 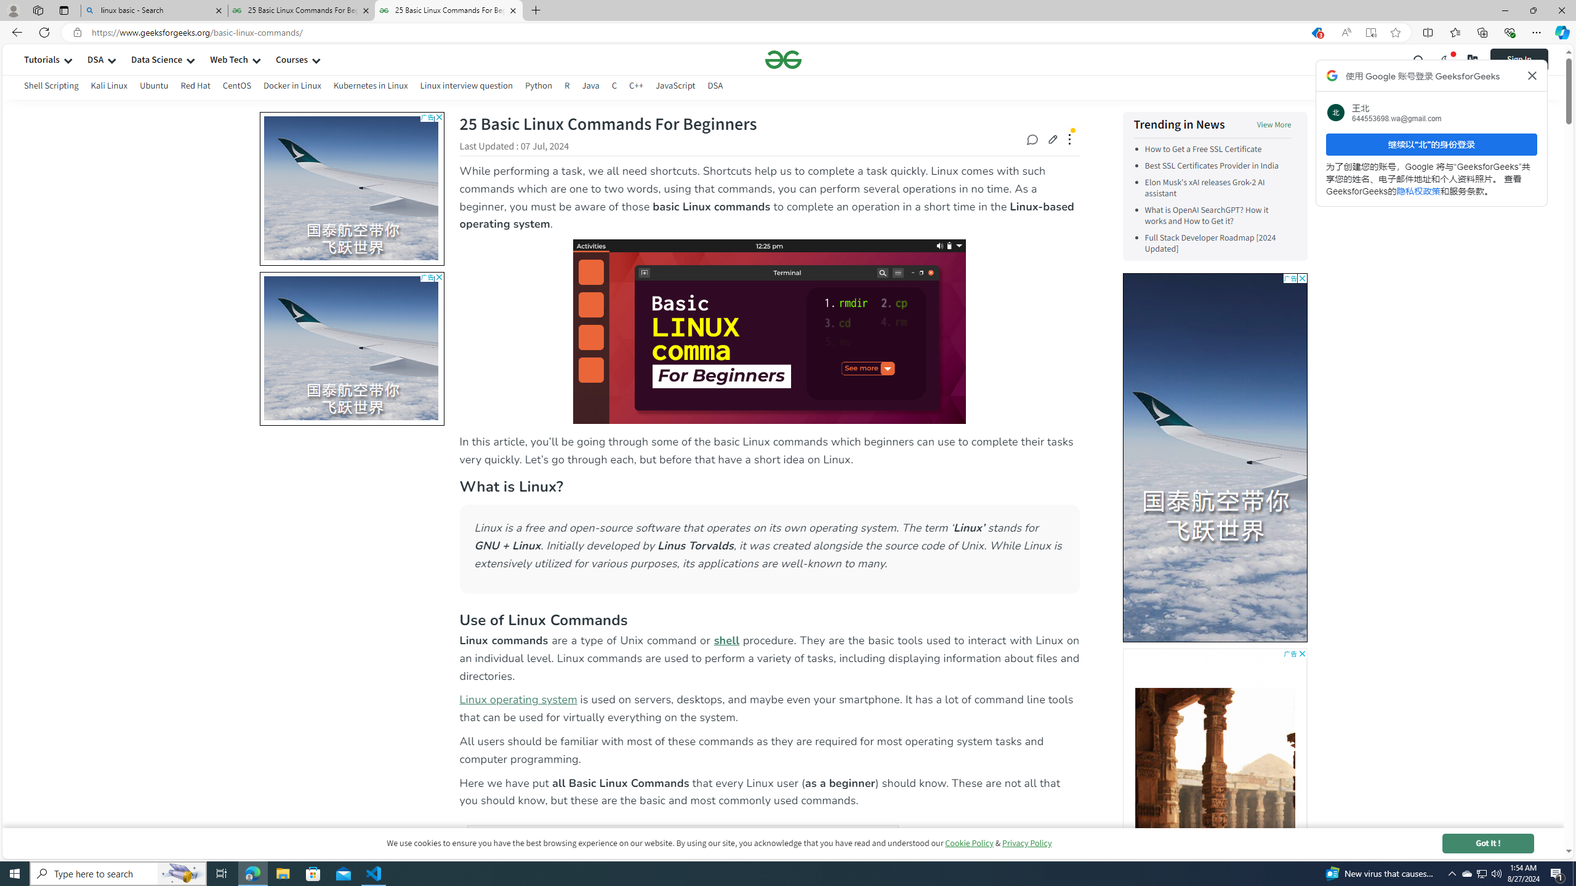 I want to click on 'JavaScript', so click(x=675, y=87).